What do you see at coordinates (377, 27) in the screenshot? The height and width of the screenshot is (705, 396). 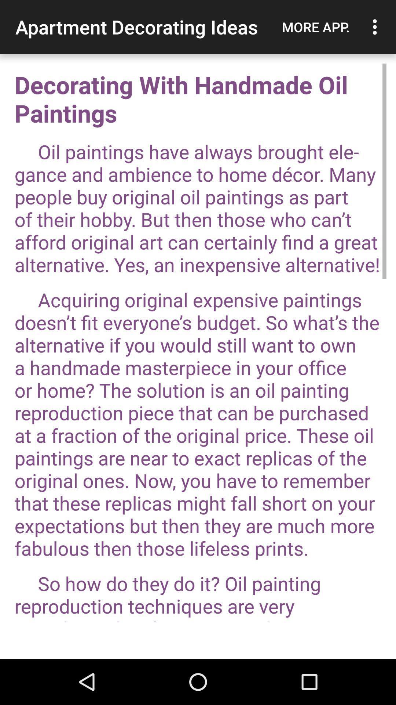 I see `the icon to the right of the more app. item` at bounding box center [377, 27].